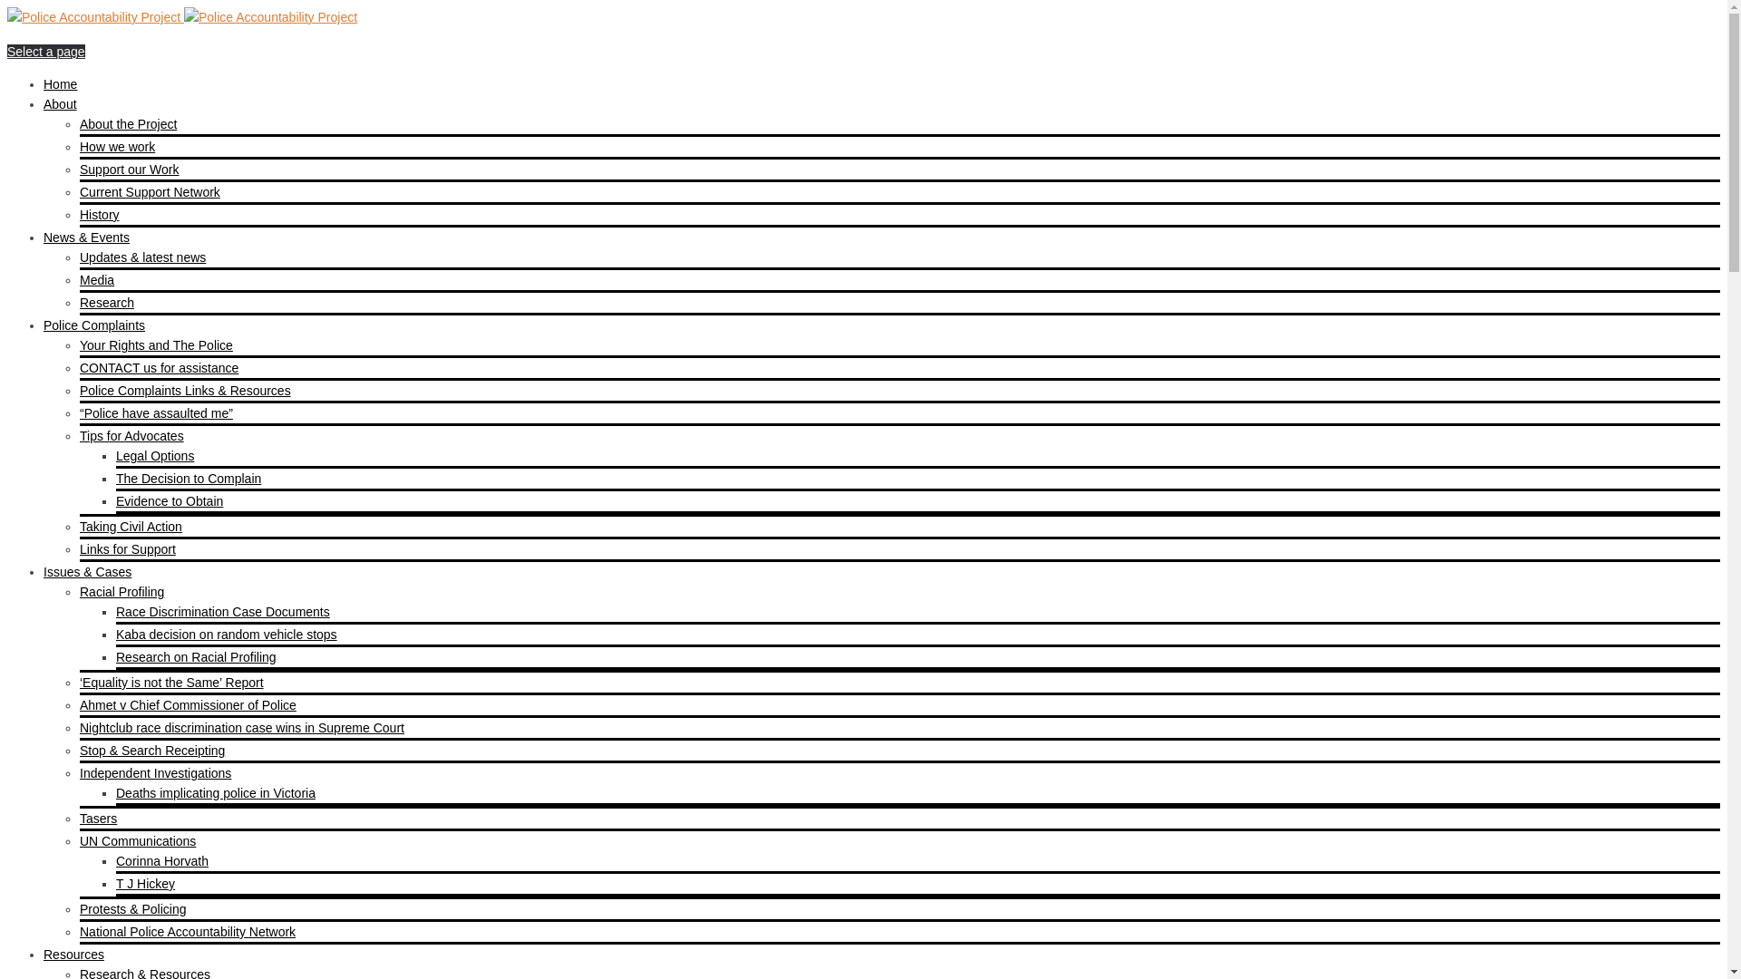  Describe the element at coordinates (60, 83) in the screenshot. I see `'Home'` at that location.